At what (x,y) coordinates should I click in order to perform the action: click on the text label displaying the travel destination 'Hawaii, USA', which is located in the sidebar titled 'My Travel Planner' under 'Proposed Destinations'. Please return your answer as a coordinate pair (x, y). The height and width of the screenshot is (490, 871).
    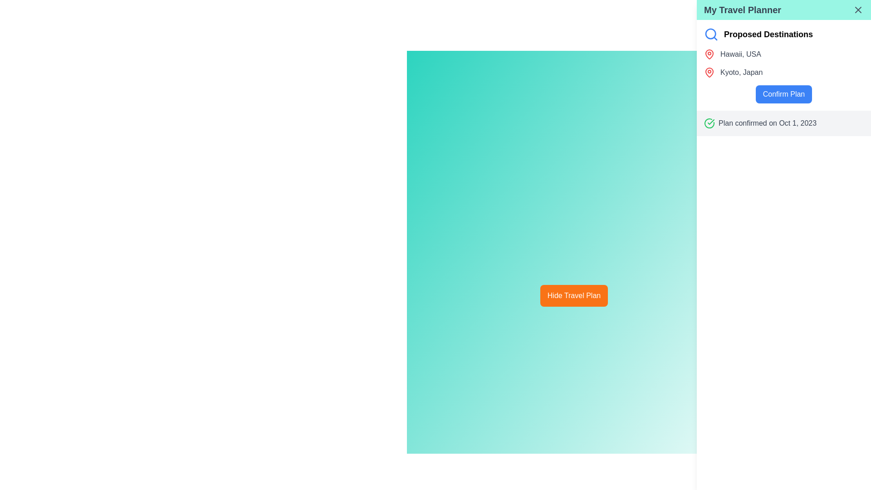
    Looking at the image, I should click on (740, 54).